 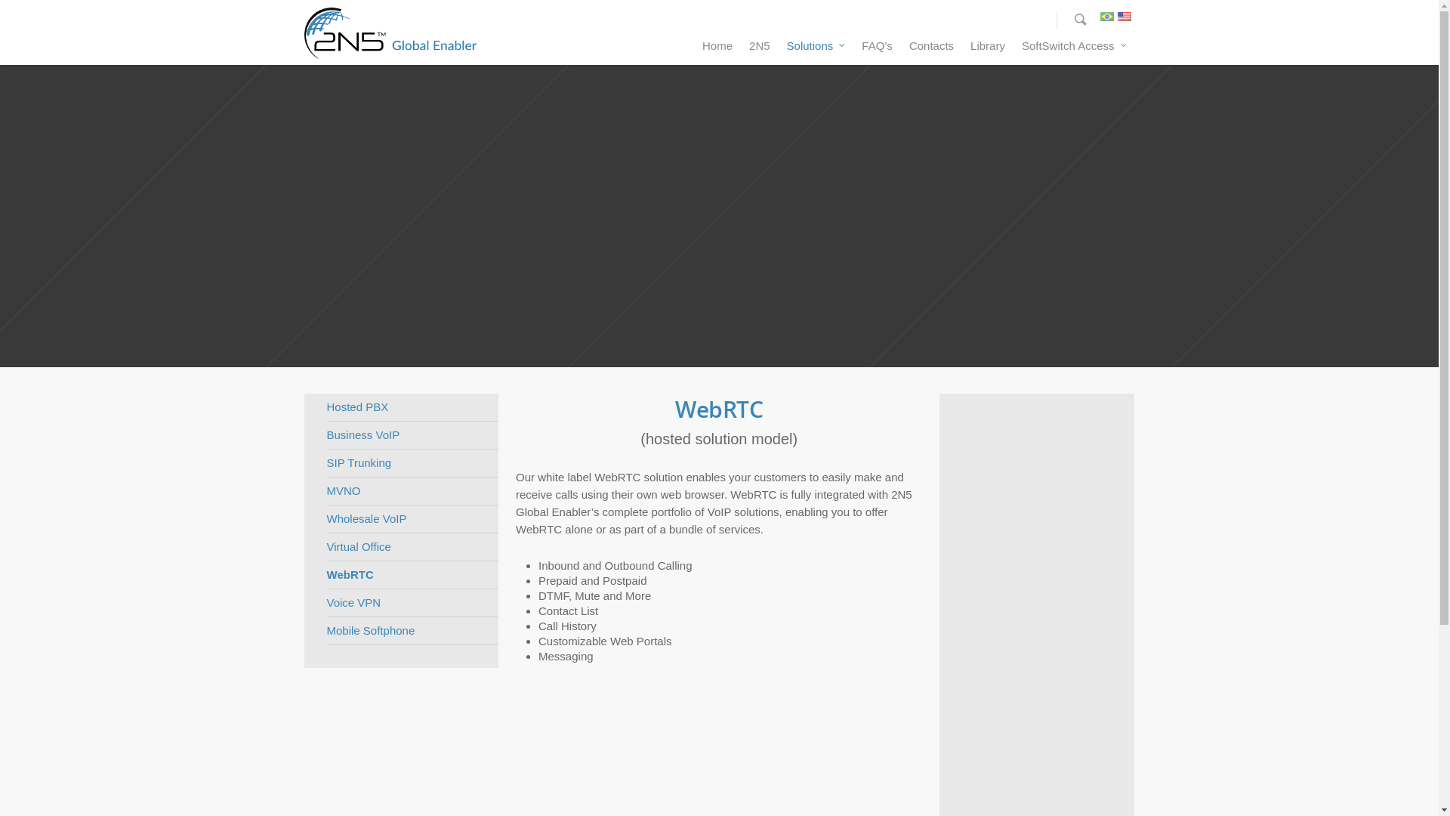 What do you see at coordinates (412, 575) in the screenshot?
I see `'WebRTC'` at bounding box center [412, 575].